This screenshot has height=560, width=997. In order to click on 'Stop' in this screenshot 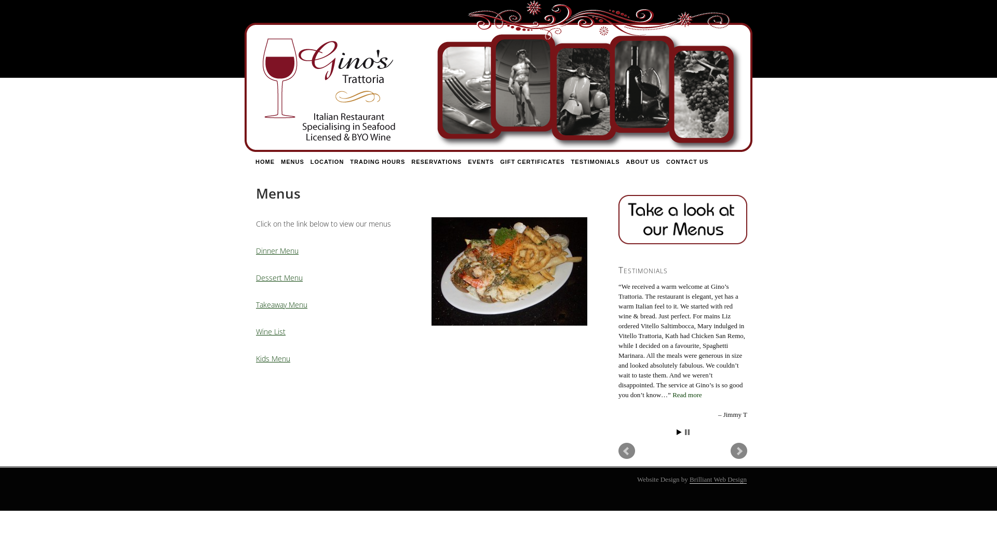, I will do `click(684, 432)`.